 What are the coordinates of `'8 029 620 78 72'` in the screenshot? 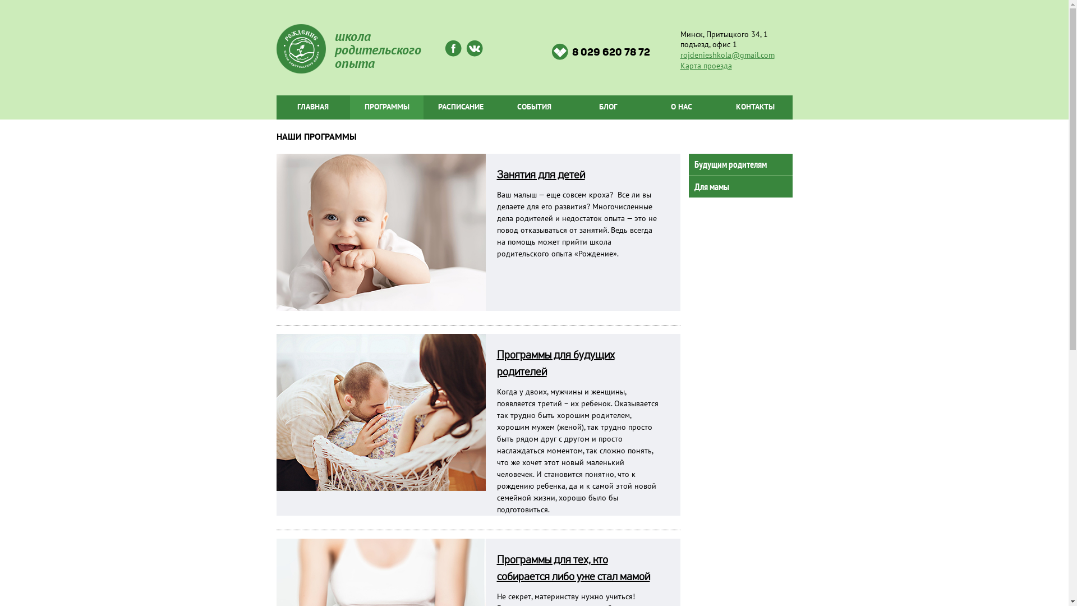 It's located at (600, 52).